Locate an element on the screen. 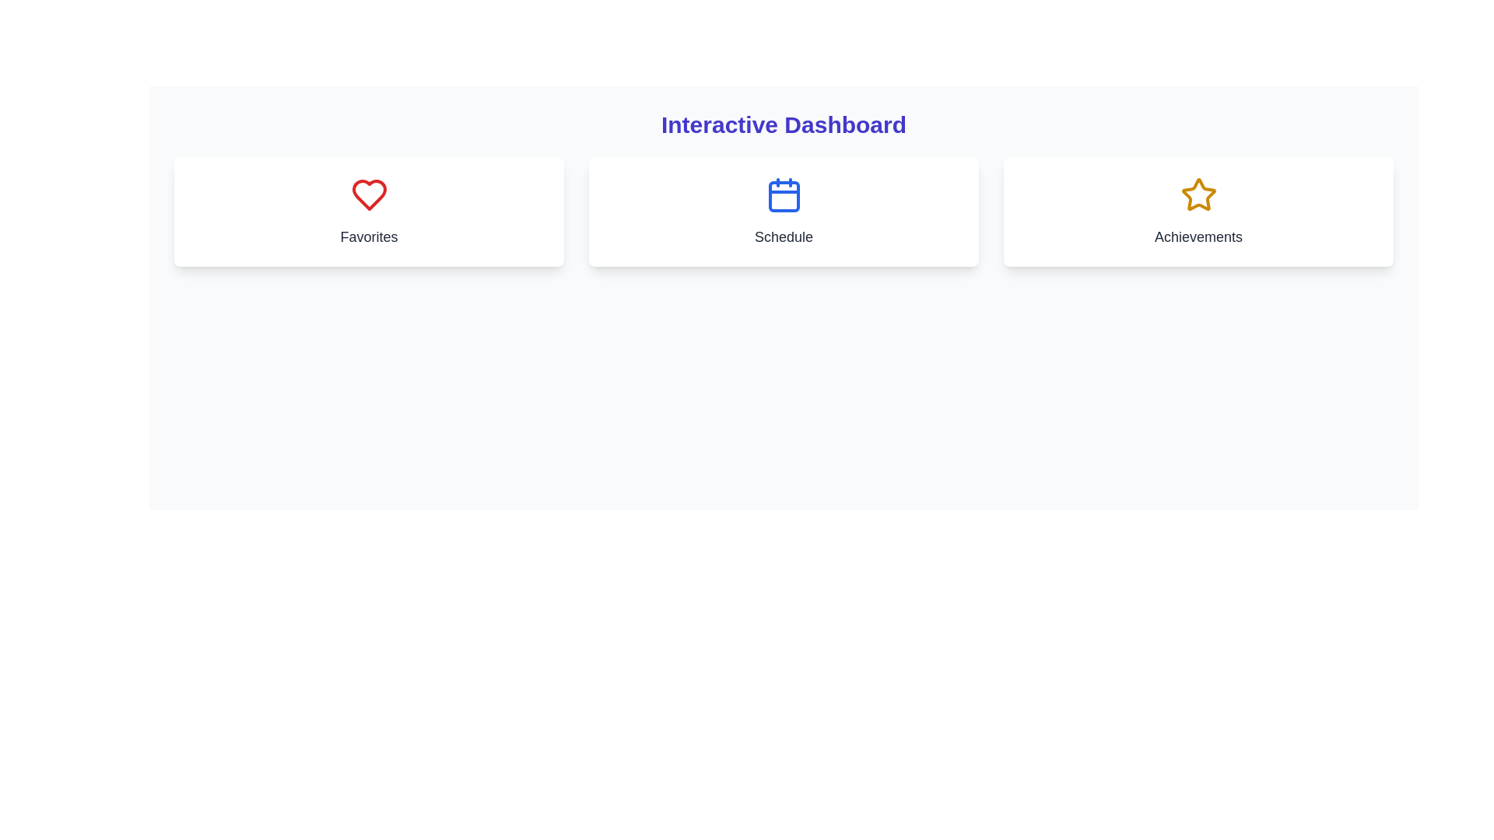 This screenshot has height=840, width=1494. the clickable card displaying a blue calendar icon and the text 'Schedule' in bold, located centrally between the 'Favorites' and 'Achievements' cards is located at coordinates (784, 212).